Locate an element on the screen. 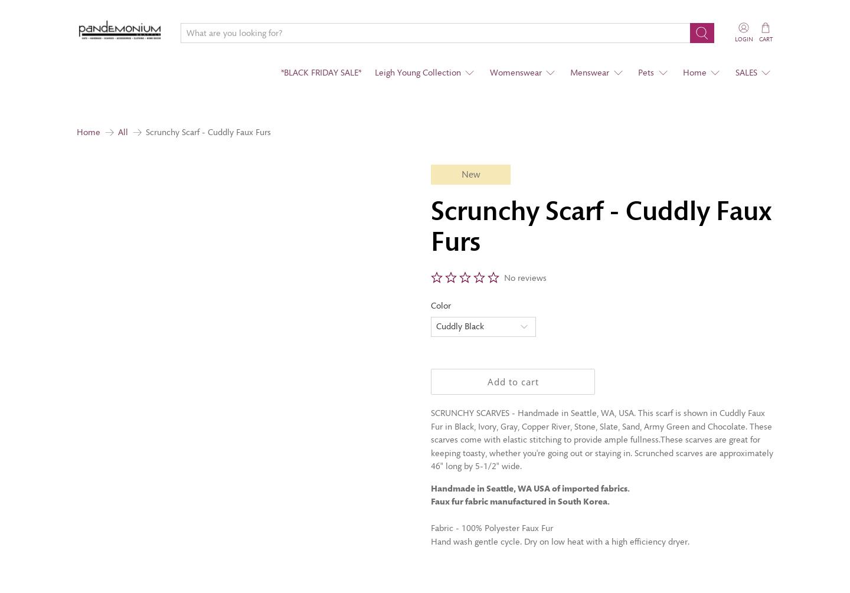 The width and height of the screenshot is (850, 593). 'SCRUNCHY SCARVES - Handmade in Seattle, WA, USA. This scarf is shown in Cuddly Faux Fur in Black, Ivory, Gray, Copper River, Stone, Slate, Sand, Army Green and Chocolate. These scarves come with elastic stitching to provide ample fullness' is located at coordinates (600, 426).